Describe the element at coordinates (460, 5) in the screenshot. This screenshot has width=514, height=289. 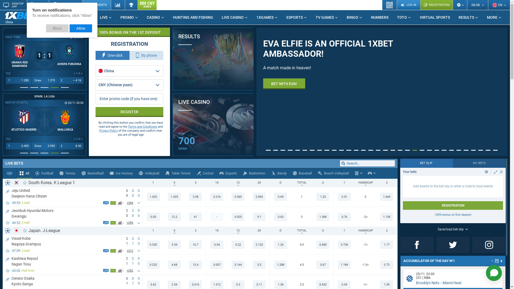
I see `'Settings'` at that location.